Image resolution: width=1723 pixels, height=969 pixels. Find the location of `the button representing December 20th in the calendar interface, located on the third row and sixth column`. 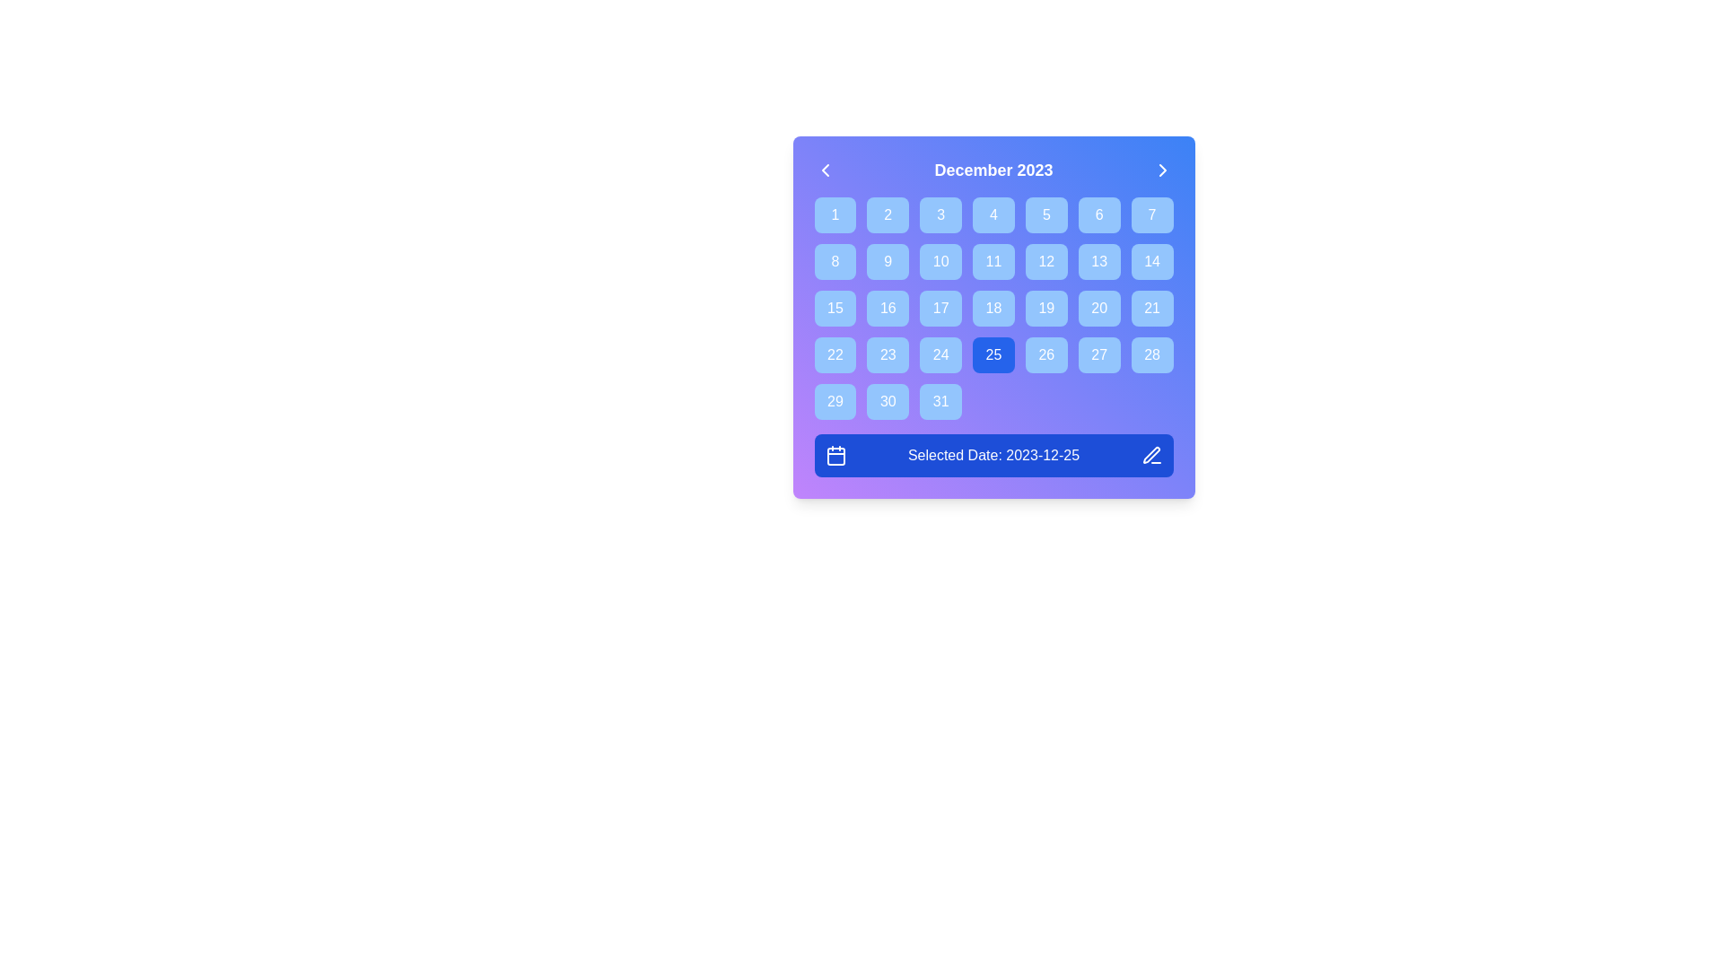

the button representing December 20th in the calendar interface, located on the third row and sixth column is located at coordinates (1098, 307).